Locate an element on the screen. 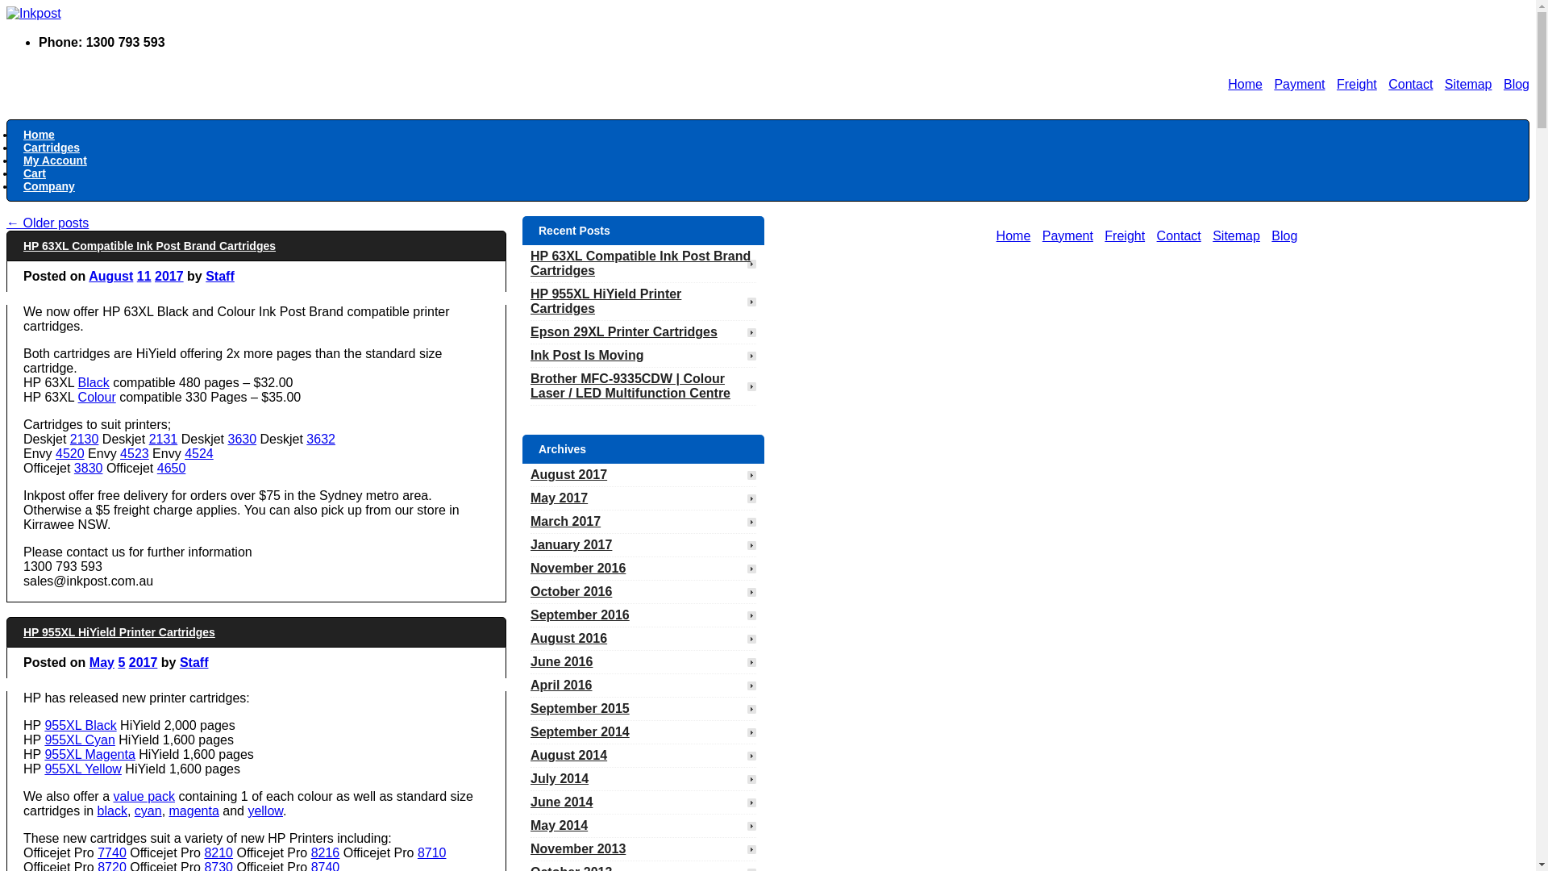 Image resolution: width=1548 pixels, height=871 pixels. 'yellow' is located at coordinates (265, 811).